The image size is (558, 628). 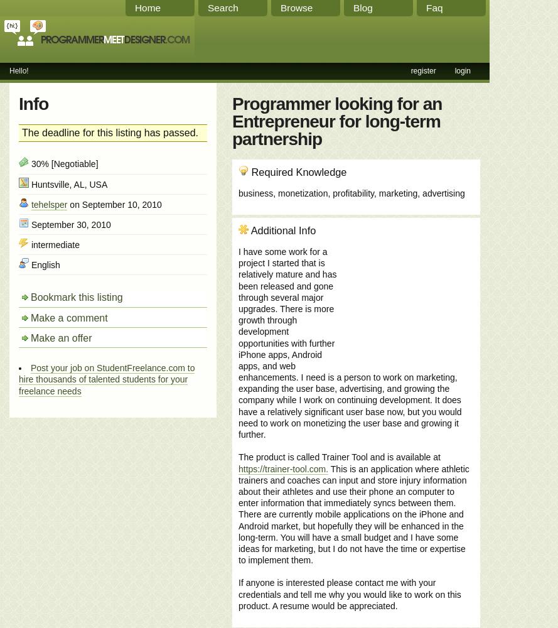 I want to click on 'Huntsville, AL, USA', so click(x=67, y=184).